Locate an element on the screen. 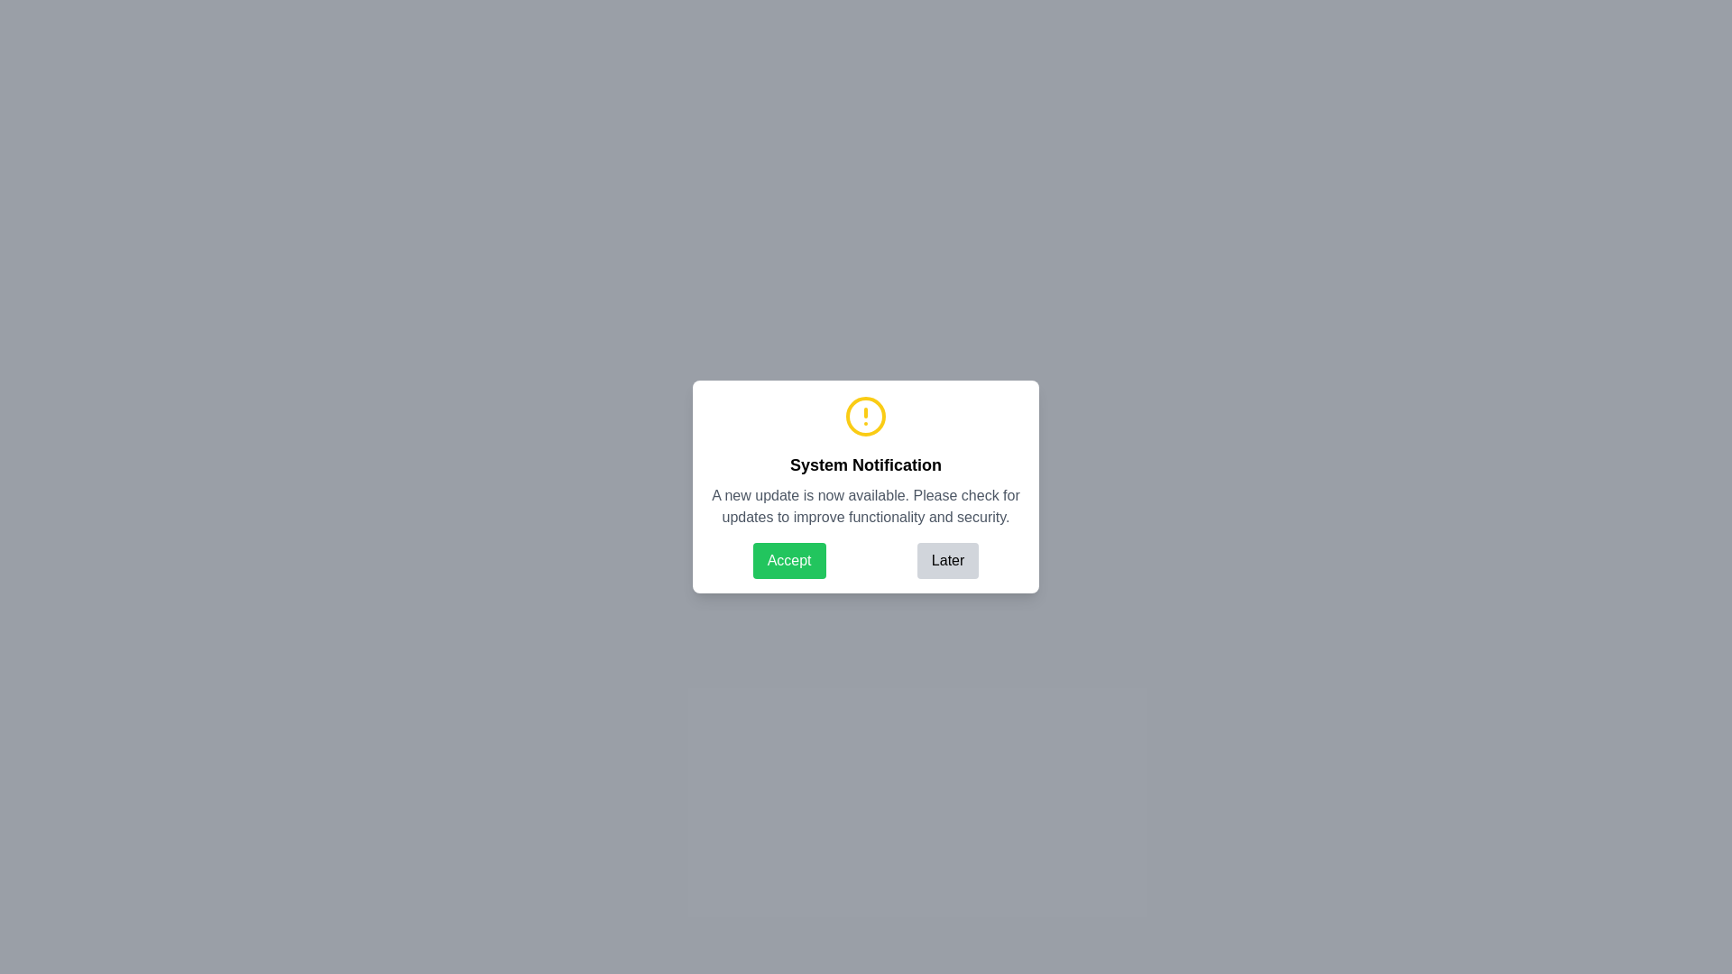 This screenshot has height=974, width=1732. the green 'Accept' button with rounded borders that has white text, which is the leftmost button in the dialog box is located at coordinates (789, 559).